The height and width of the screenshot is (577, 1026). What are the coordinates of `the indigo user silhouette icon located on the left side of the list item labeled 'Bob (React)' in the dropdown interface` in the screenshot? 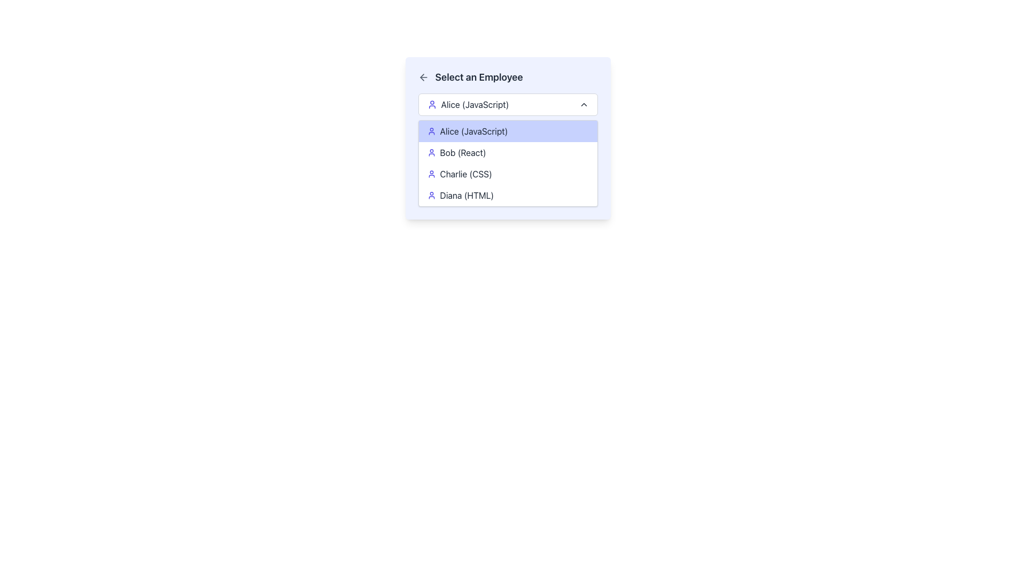 It's located at (431, 152).